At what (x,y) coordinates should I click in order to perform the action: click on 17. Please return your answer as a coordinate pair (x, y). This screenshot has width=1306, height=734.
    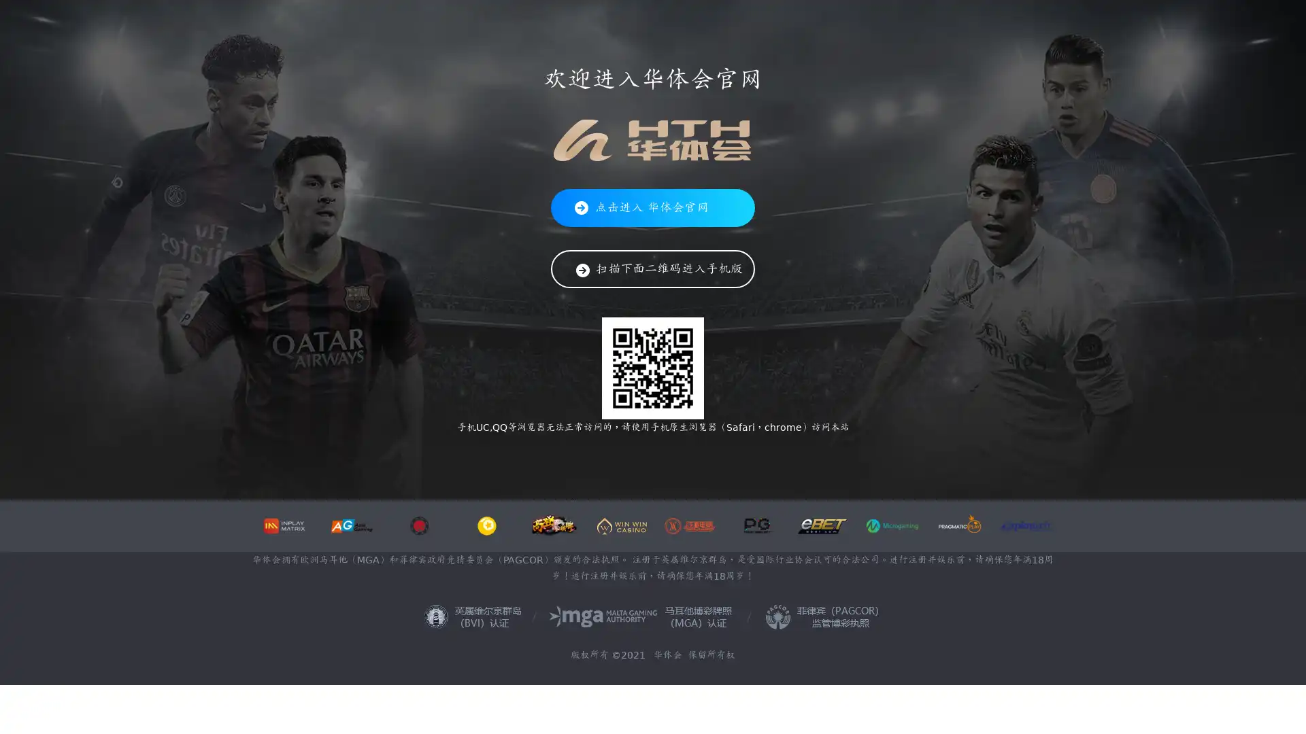
    Looking at the image, I should click on (786, 453).